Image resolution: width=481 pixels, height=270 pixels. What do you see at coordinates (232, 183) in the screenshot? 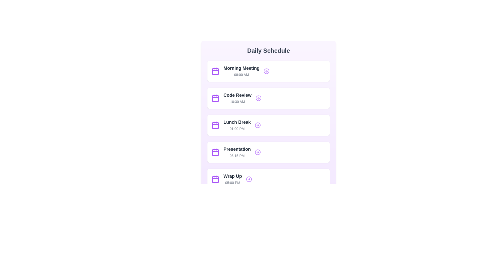
I see `the Text Label displaying the scheduled time for the event 'Wrap Up', which is positioned beneath the 'Wrap Up' text and inside the last purple-bordered box` at bounding box center [232, 183].